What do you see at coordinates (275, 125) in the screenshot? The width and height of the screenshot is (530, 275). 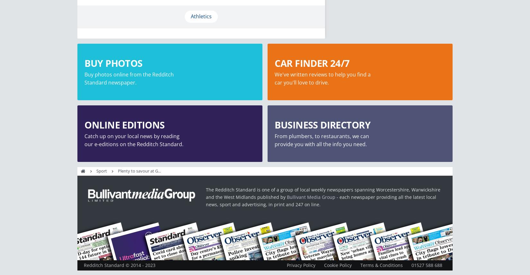 I see `'Business Directory'` at bounding box center [275, 125].